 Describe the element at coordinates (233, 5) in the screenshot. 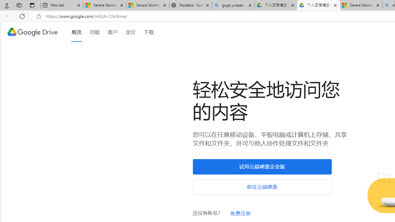

I see `'guge yunpan - Search'` at that location.